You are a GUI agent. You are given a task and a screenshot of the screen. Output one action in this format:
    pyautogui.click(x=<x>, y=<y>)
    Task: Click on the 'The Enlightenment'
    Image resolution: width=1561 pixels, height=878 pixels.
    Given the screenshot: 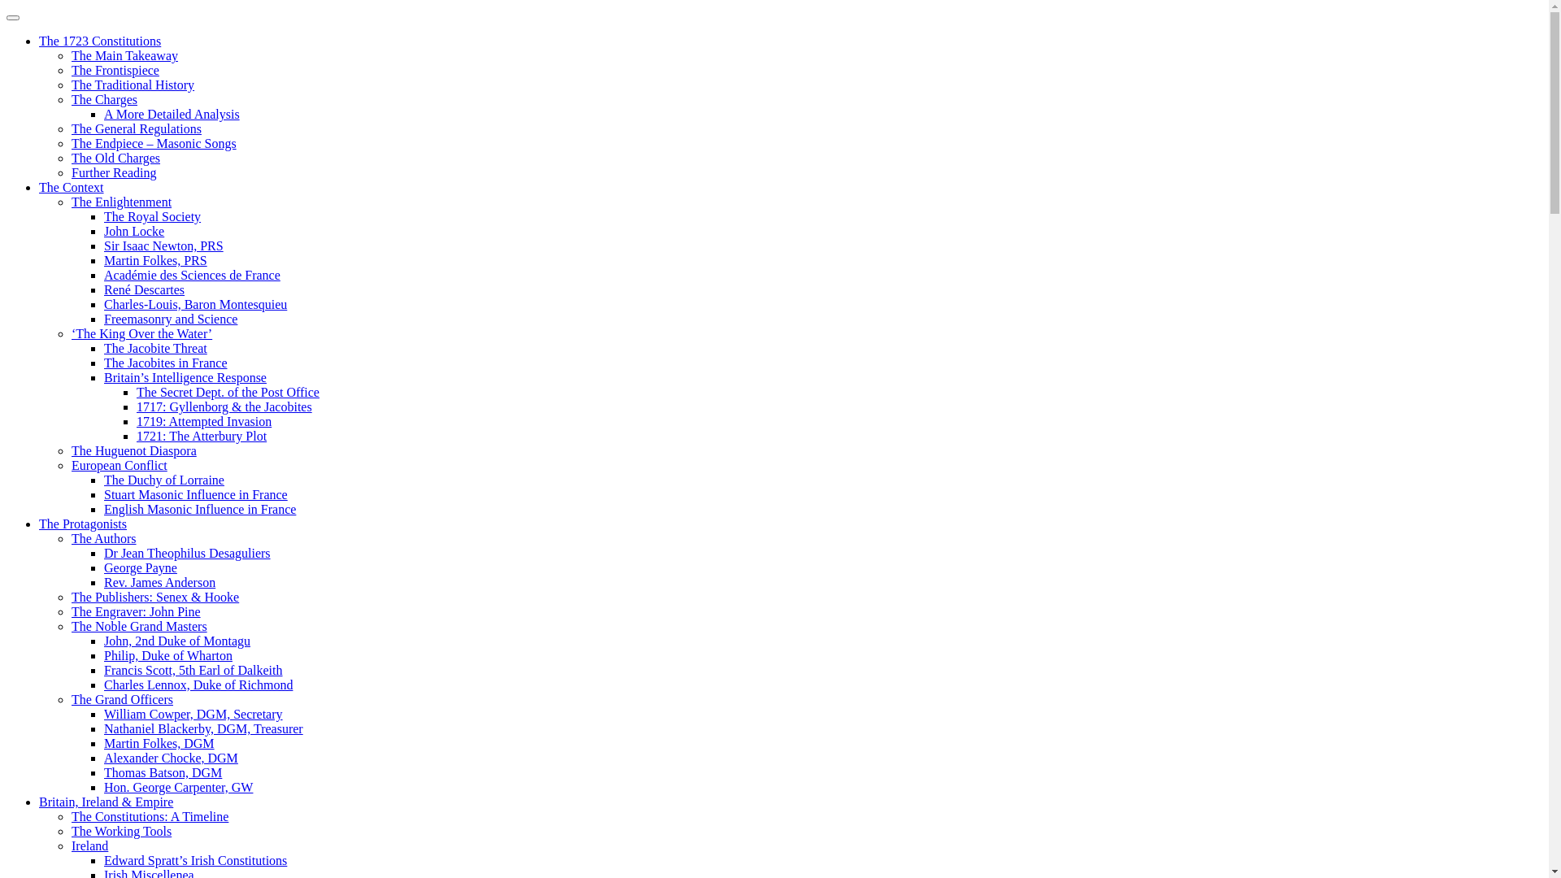 What is the action you would take?
    pyautogui.click(x=120, y=201)
    